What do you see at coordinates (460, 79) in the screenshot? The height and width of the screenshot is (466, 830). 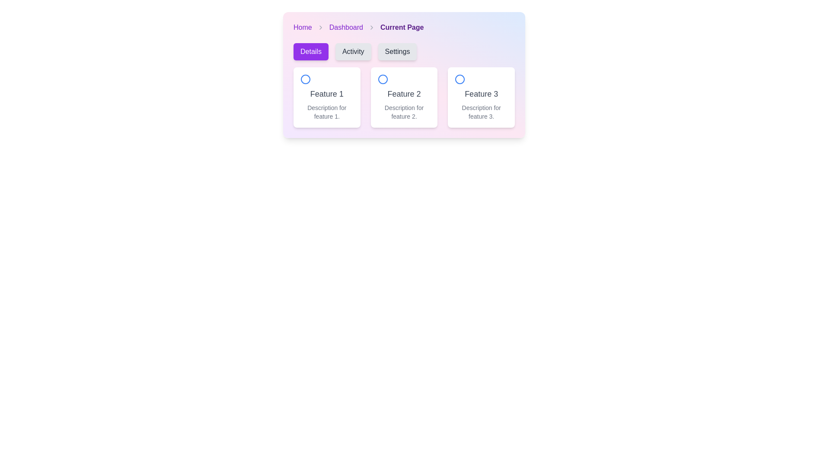 I see `the blue circular icon with a thin stroke located above the 'Feature 3' title in the feature card` at bounding box center [460, 79].